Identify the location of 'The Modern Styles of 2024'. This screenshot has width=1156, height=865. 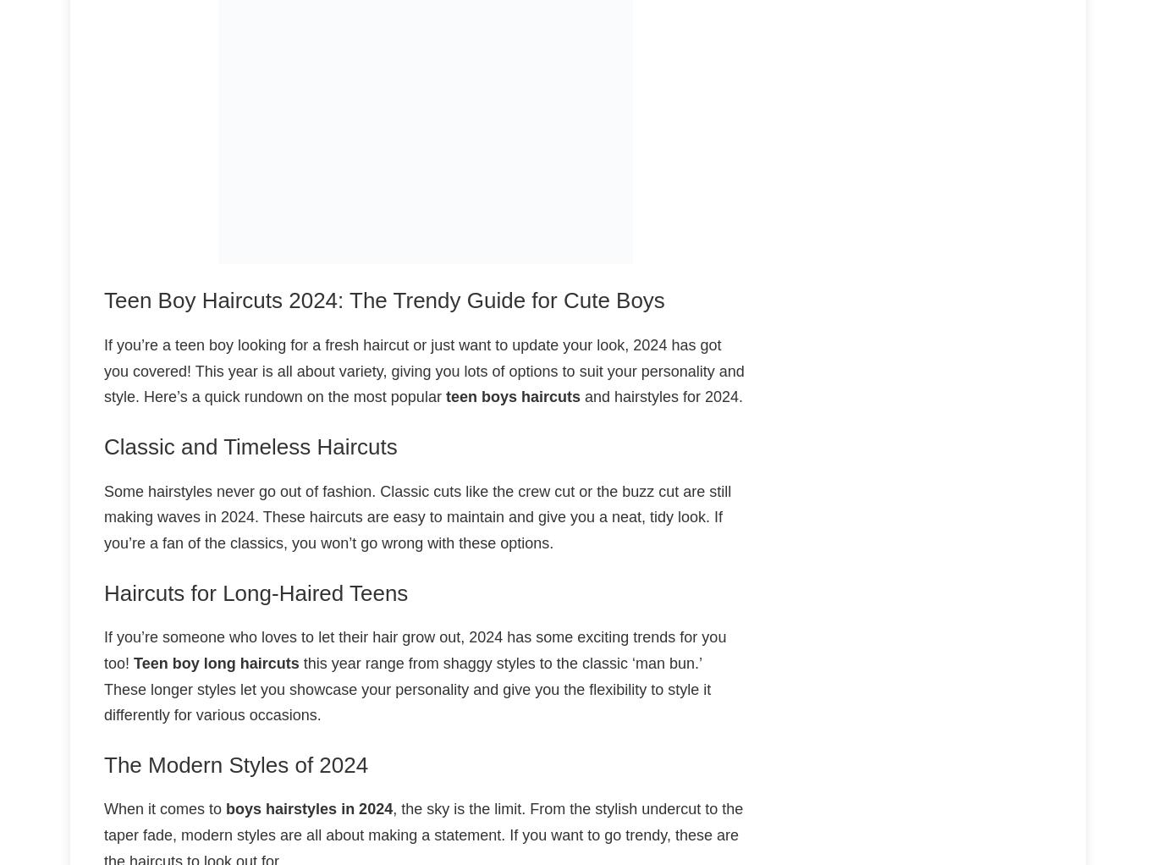
(102, 763).